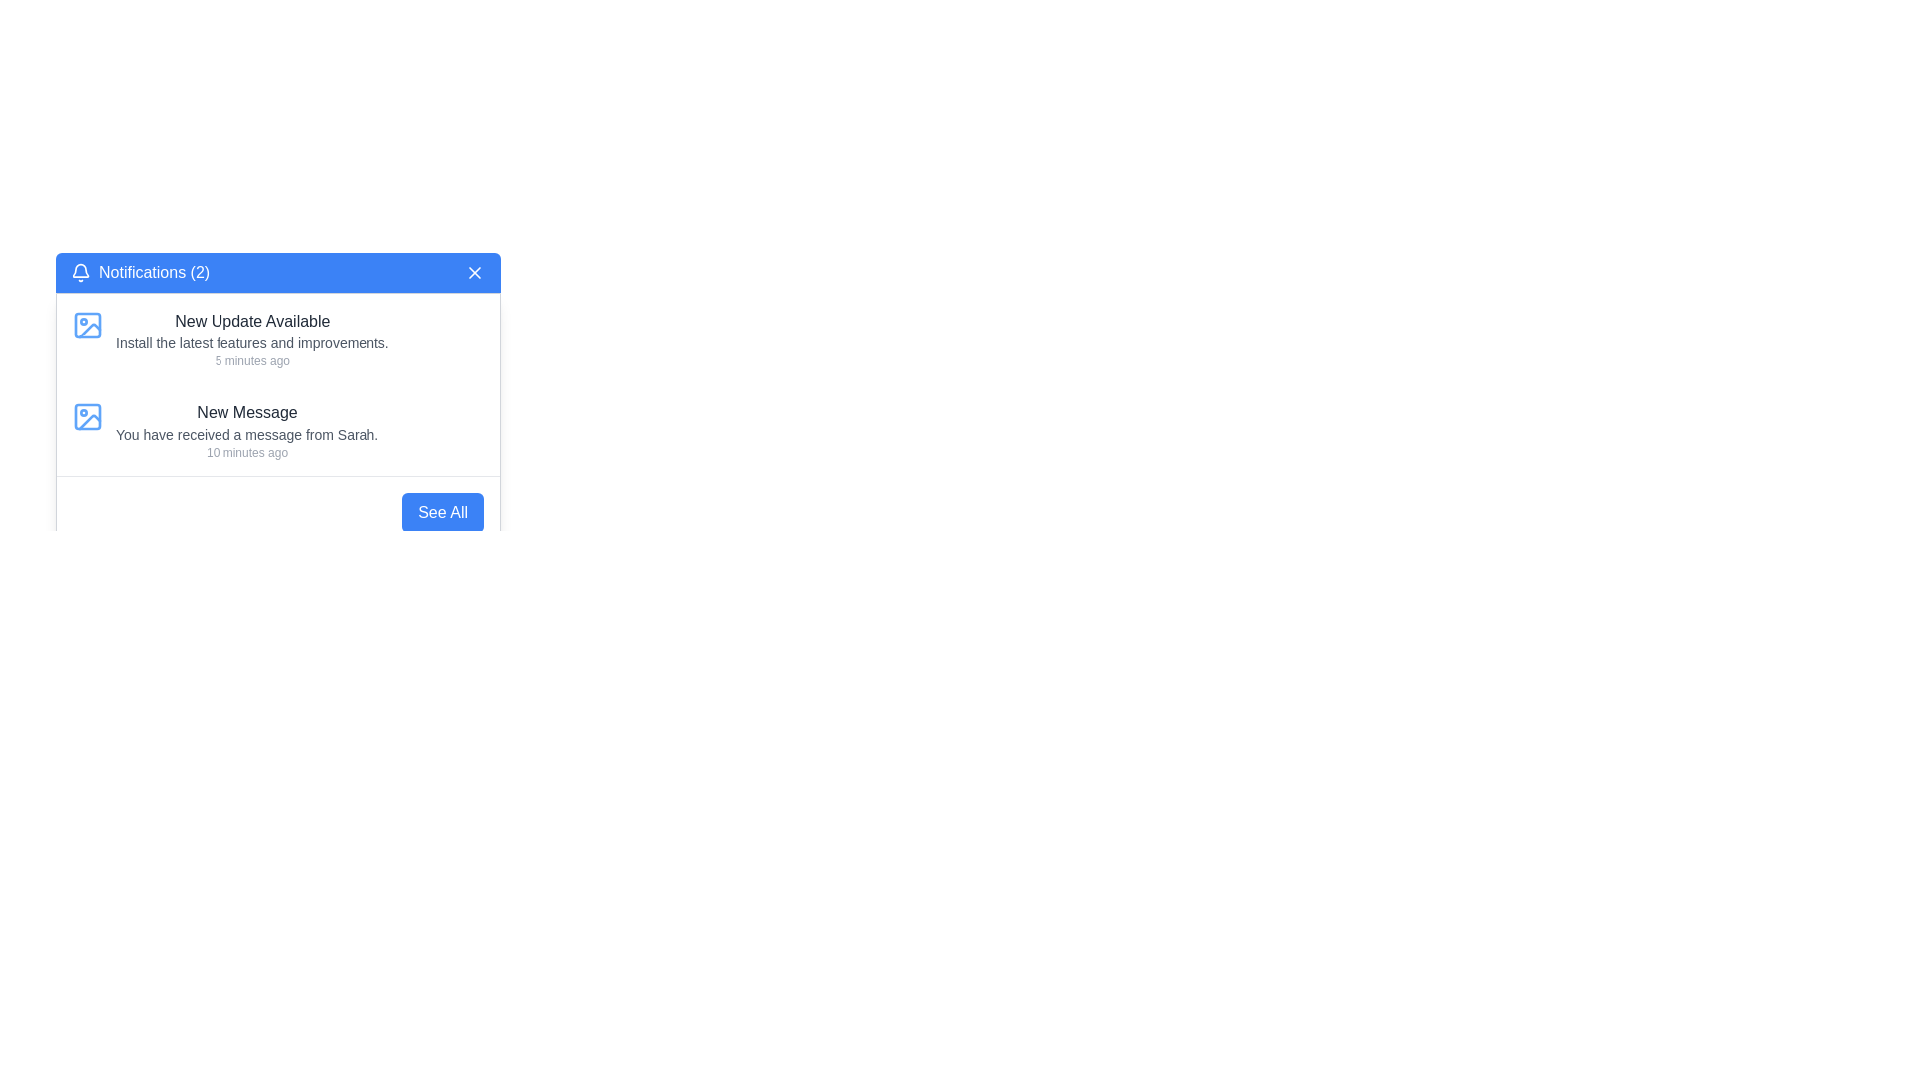  I want to click on the notification button located at the bottom-right corner of the 'Notifications (2)' card, so click(442, 511).